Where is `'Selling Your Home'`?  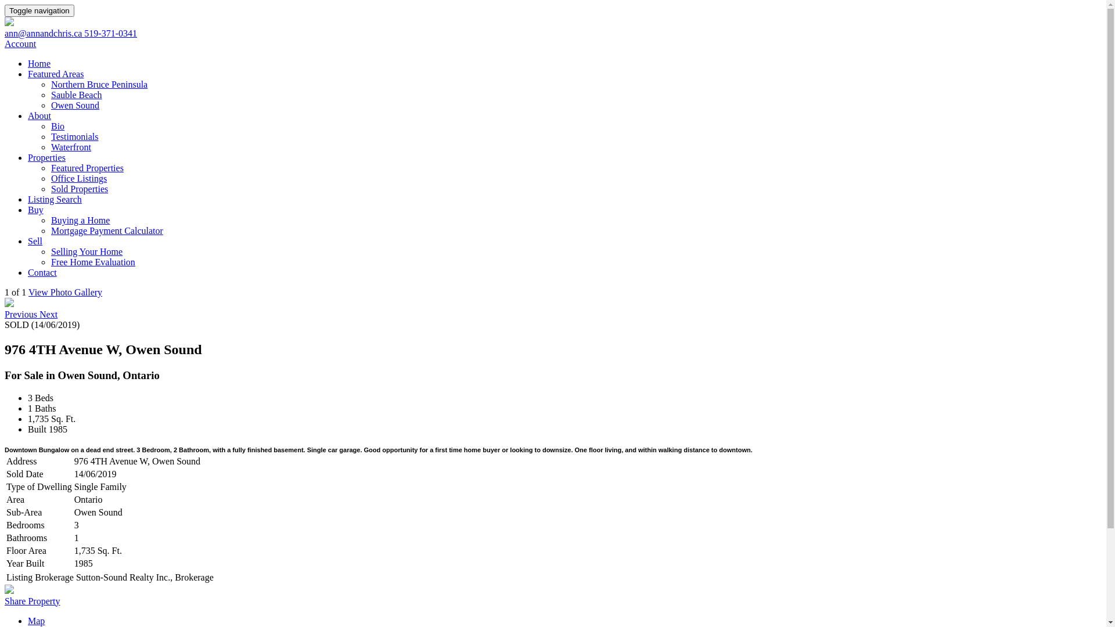 'Selling Your Home' is located at coordinates (50, 251).